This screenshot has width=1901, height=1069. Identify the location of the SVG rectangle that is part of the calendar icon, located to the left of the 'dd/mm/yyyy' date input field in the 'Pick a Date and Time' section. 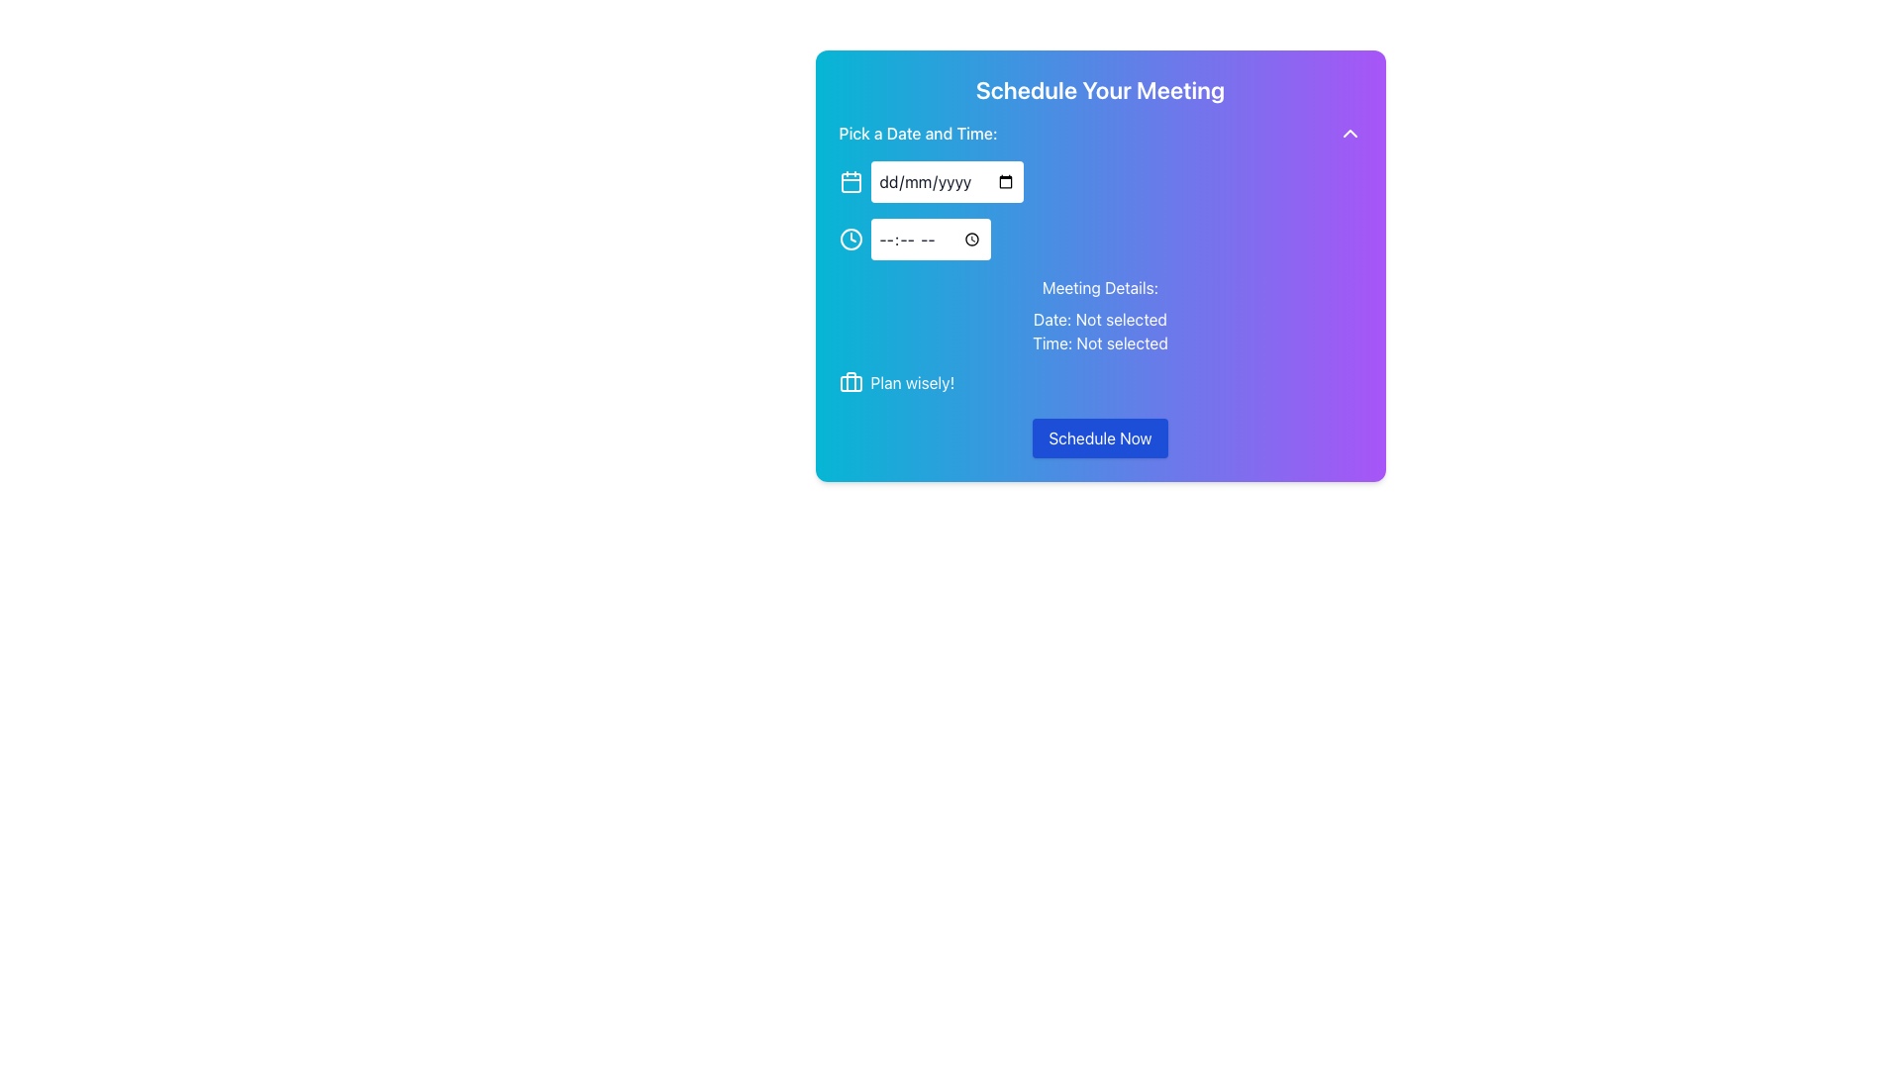
(850, 183).